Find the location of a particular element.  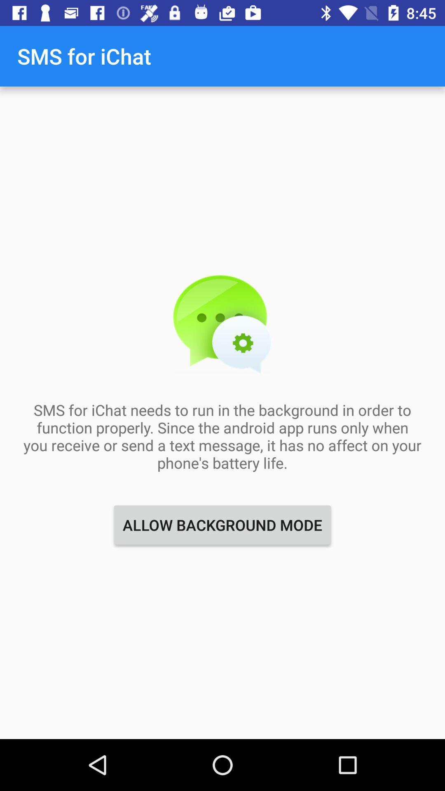

the item below the sms for ichat item is located at coordinates (222, 524).